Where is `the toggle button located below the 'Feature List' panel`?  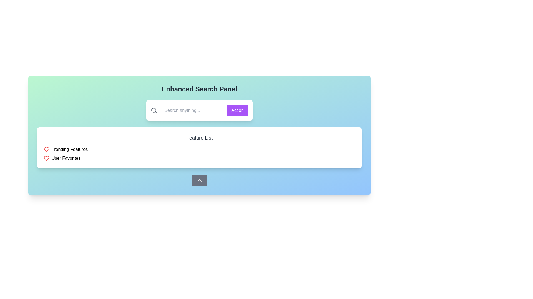
the toggle button located below the 'Feature List' panel is located at coordinates (199, 180).